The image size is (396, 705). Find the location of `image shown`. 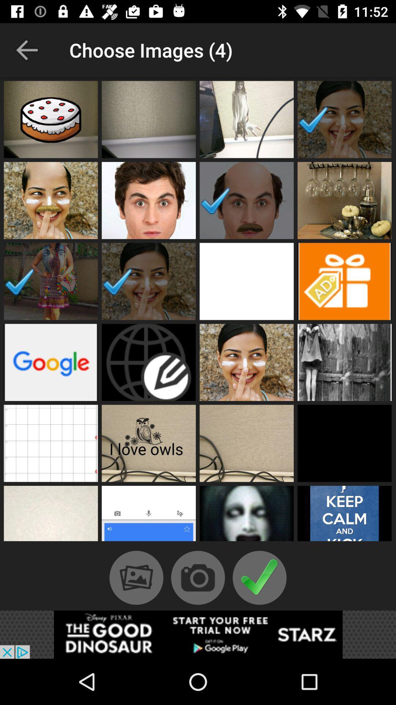

image shown is located at coordinates (50, 281).